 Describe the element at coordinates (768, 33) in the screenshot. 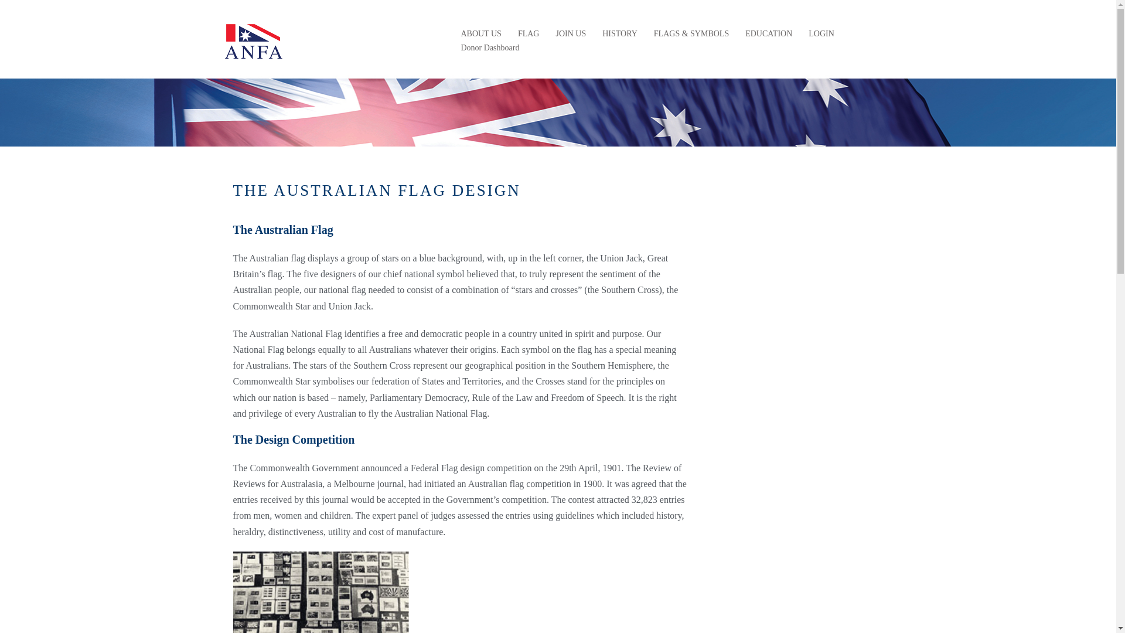

I see `'EDUCATION'` at that location.